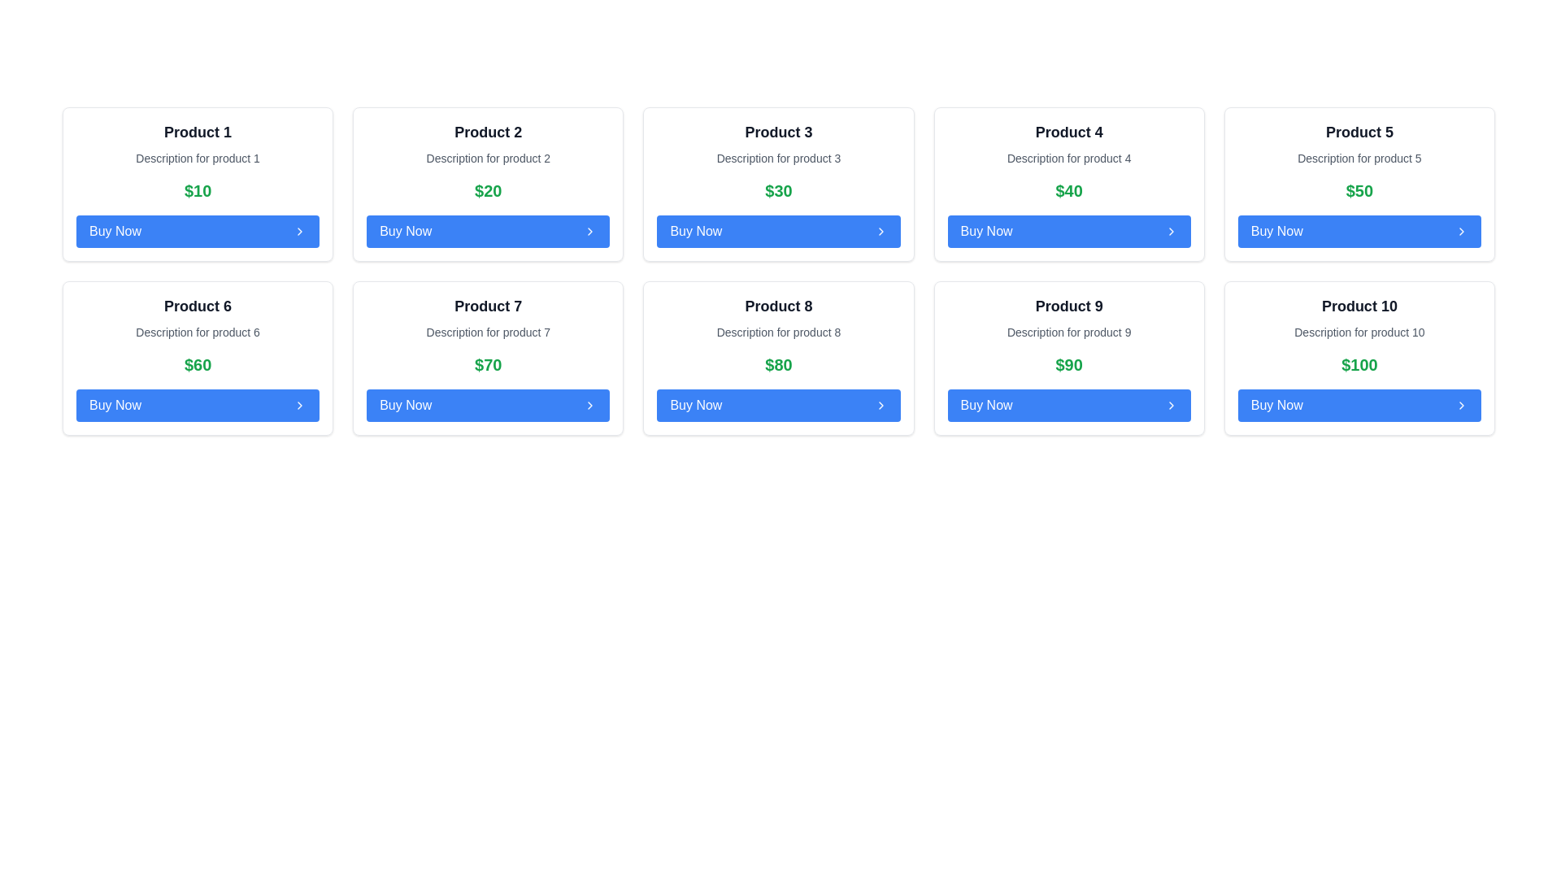 The width and height of the screenshot is (1561, 878). What do you see at coordinates (197, 159) in the screenshot?
I see `the text label displaying 'Description for product 1', which is styled in small gray font and located below the title and above the price tag in the product card` at bounding box center [197, 159].